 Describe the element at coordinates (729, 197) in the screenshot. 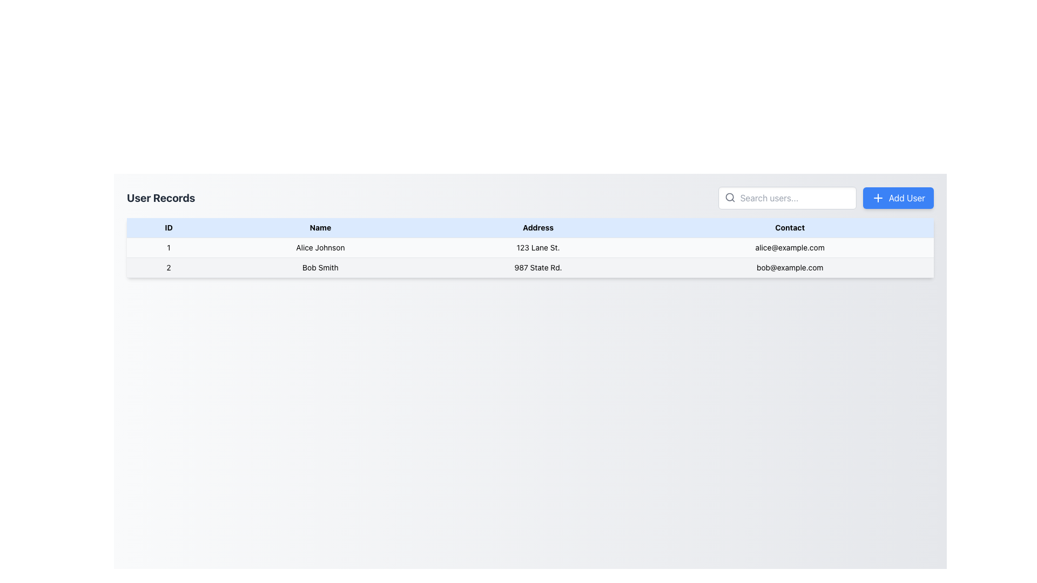

I see `the circular SVG graphic component of the search icon located in the top-right section of the interface, to the left of the search input box` at that location.